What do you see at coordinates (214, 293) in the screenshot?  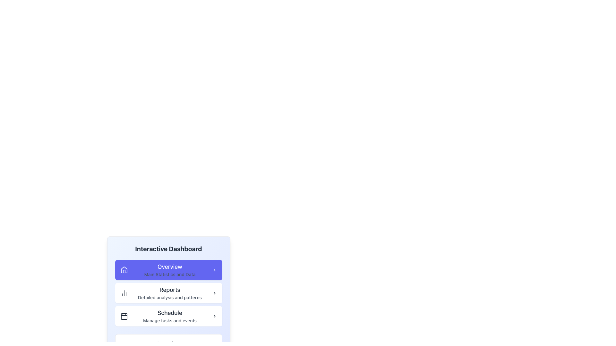 I see `the right-facing chevron arrow icon located in the 'Reports' section, adjacent to the text 'Detailed analysis and patterns'` at bounding box center [214, 293].